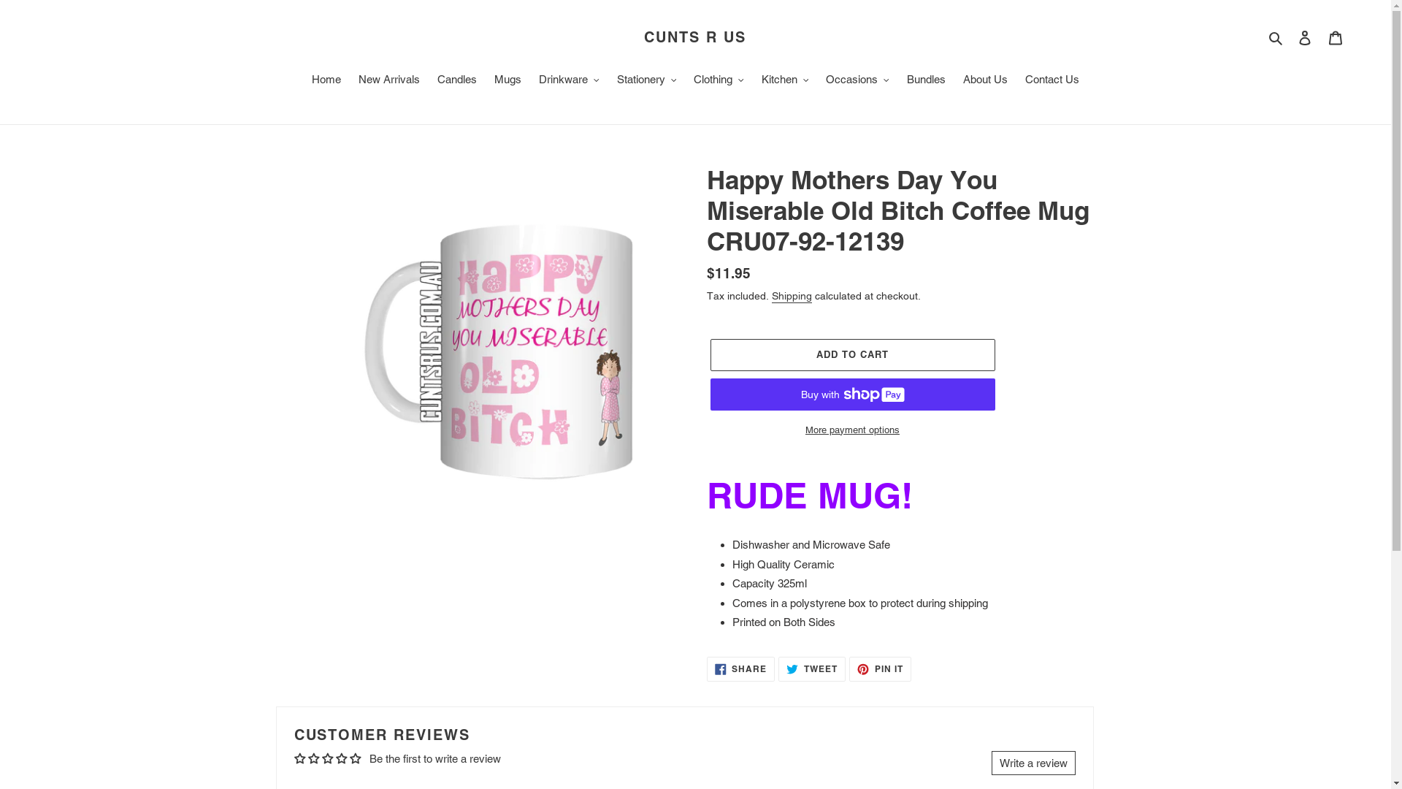  What do you see at coordinates (1276, 37) in the screenshot?
I see `'Search'` at bounding box center [1276, 37].